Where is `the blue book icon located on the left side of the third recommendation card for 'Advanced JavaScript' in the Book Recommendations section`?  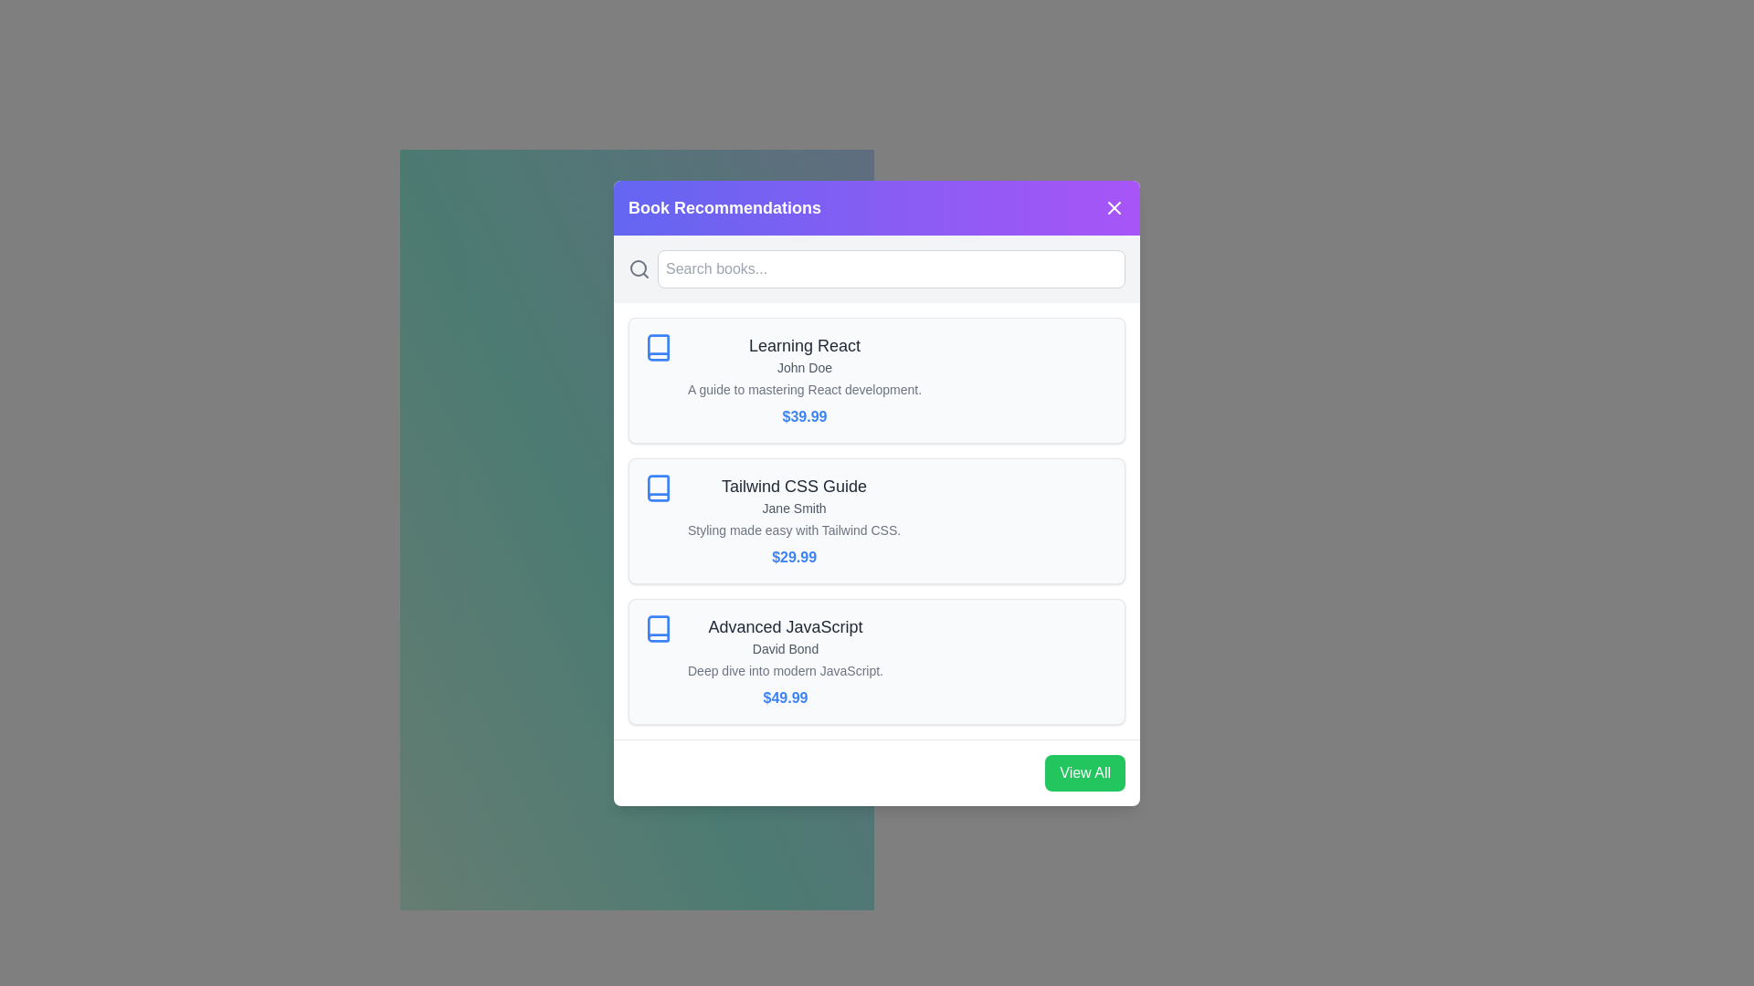
the blue book icon located on the left side of the third recommendation card for 'Advanced JavaScript' in the Book Recommendations section is located at coordinates (658, 627).